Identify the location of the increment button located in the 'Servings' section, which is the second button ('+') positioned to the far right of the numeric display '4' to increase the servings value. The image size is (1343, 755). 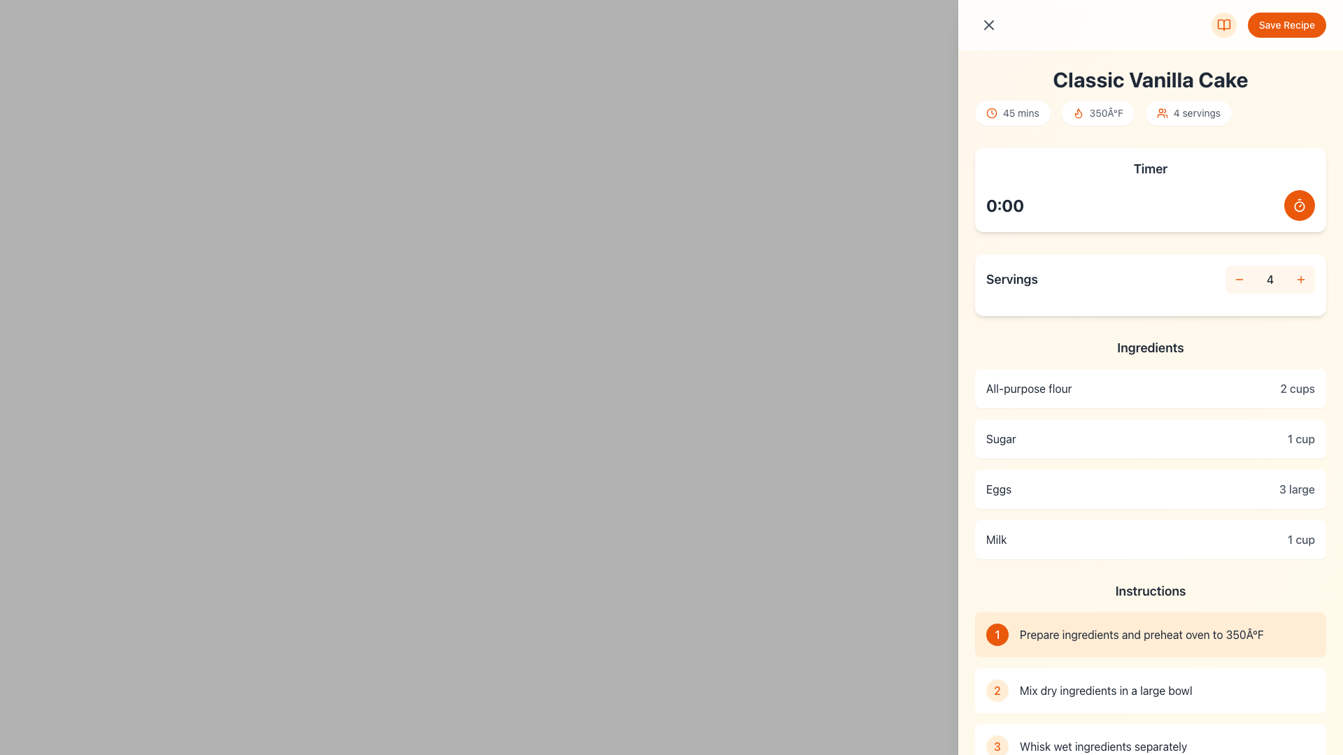
(1300, 280).